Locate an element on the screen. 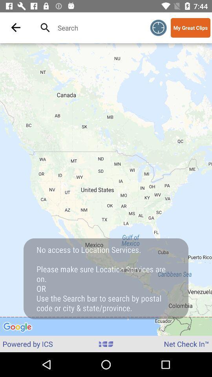  map is located at coordinates (97, 27).